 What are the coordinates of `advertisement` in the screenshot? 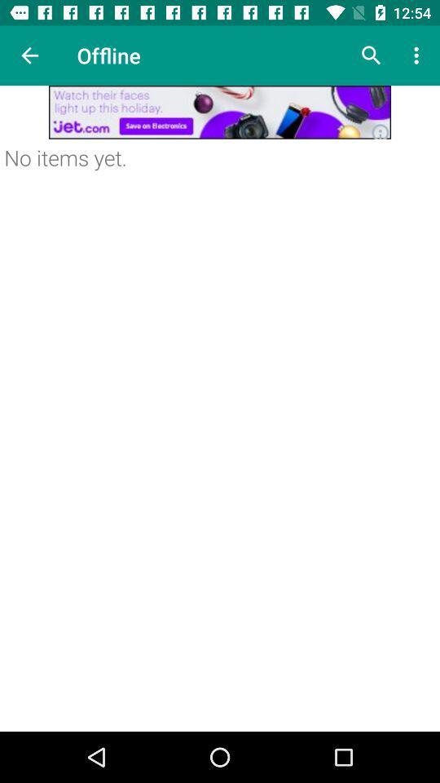 It's located at (220, 111).